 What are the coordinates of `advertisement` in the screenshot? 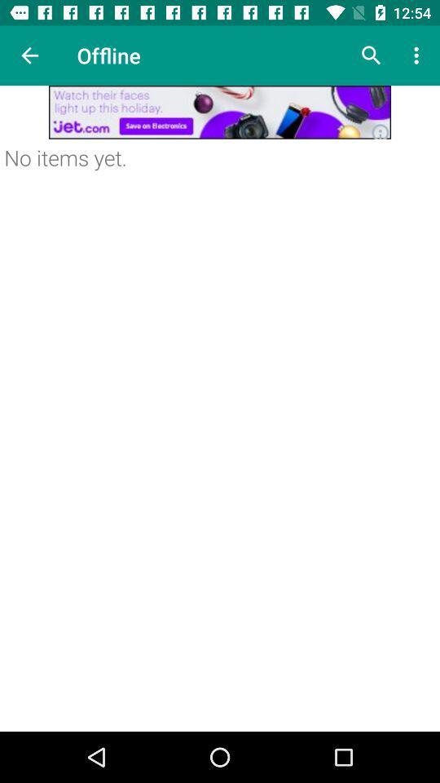 It's located at (220, 111).